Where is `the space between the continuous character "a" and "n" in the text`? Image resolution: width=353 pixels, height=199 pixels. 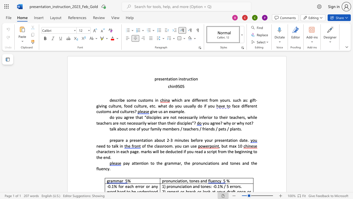
the space between the continuous character "a" and "n" in the text is located at coordinates (165, 111).